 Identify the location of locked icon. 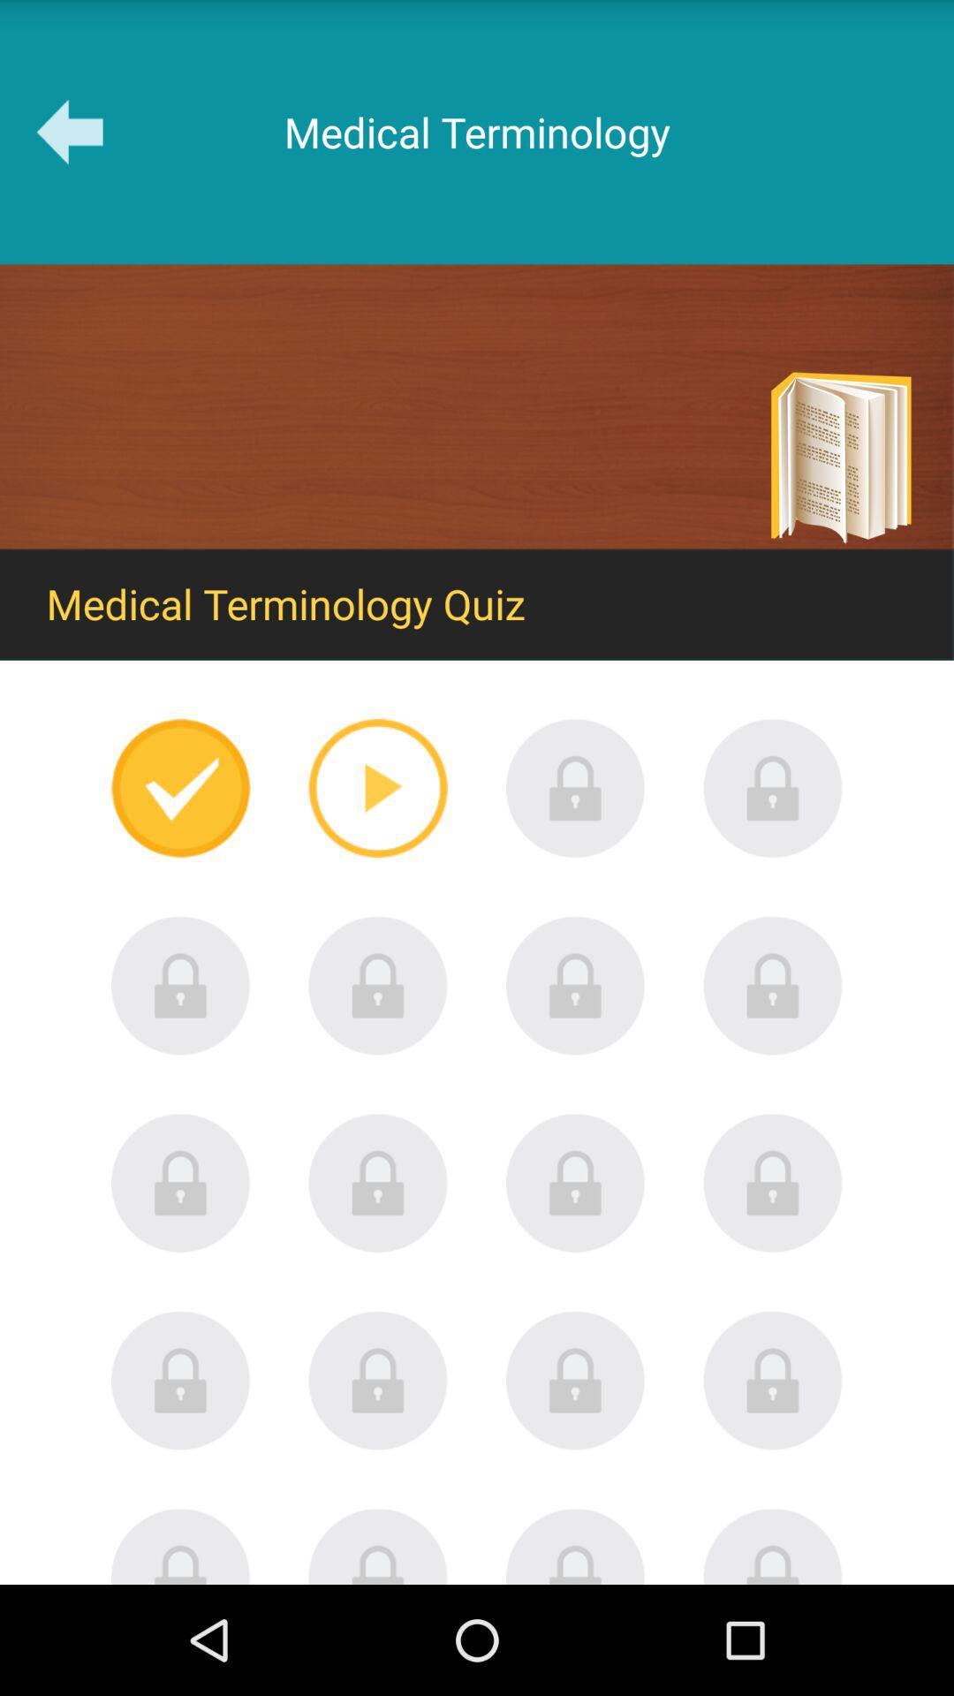
(772, 1380).